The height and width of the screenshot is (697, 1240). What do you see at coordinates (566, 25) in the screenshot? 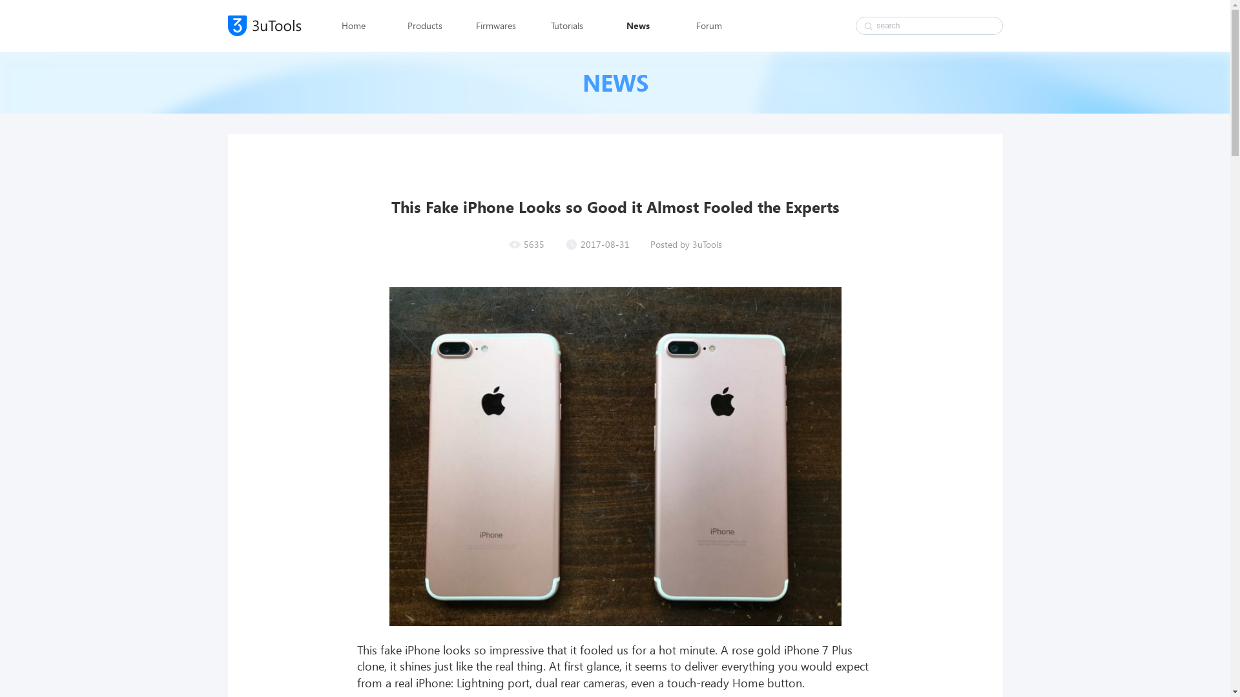
I see `'Tutorials'` at bounding box center [566, 25].